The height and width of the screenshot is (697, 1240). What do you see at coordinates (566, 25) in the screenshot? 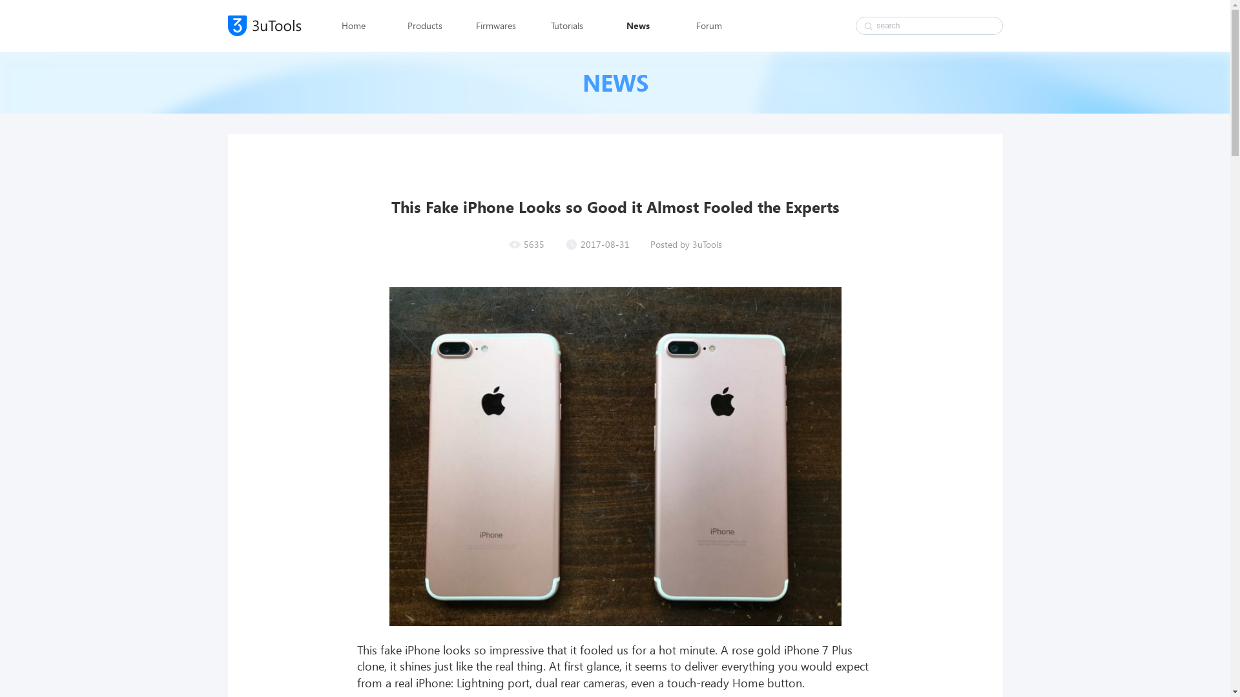
I see `'Tutorials'` at bounding box center [566, 25].